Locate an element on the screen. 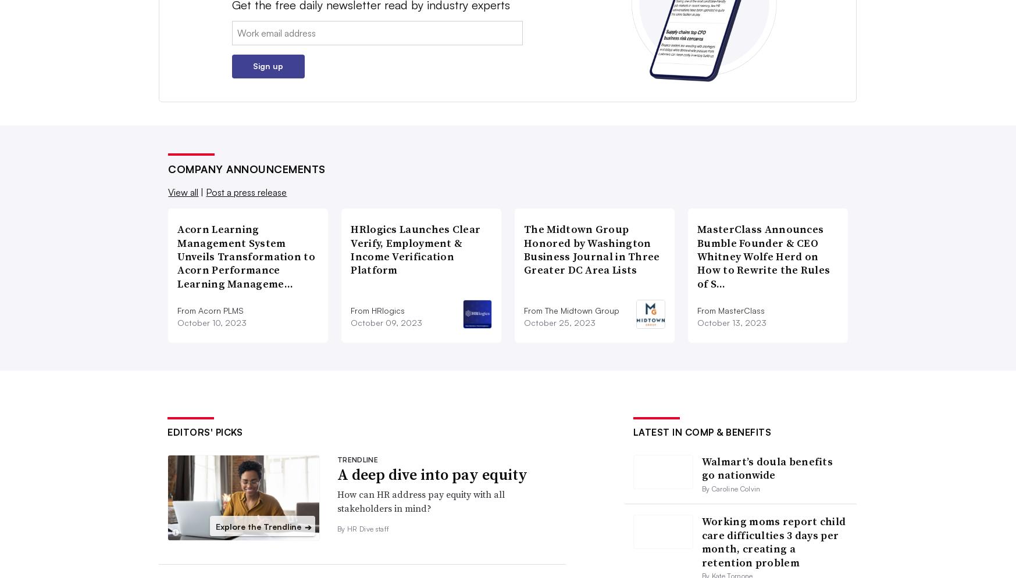 The width and height of the screenshot is (1016, 578). 'Sign up' is located at coordinates (268, 66).